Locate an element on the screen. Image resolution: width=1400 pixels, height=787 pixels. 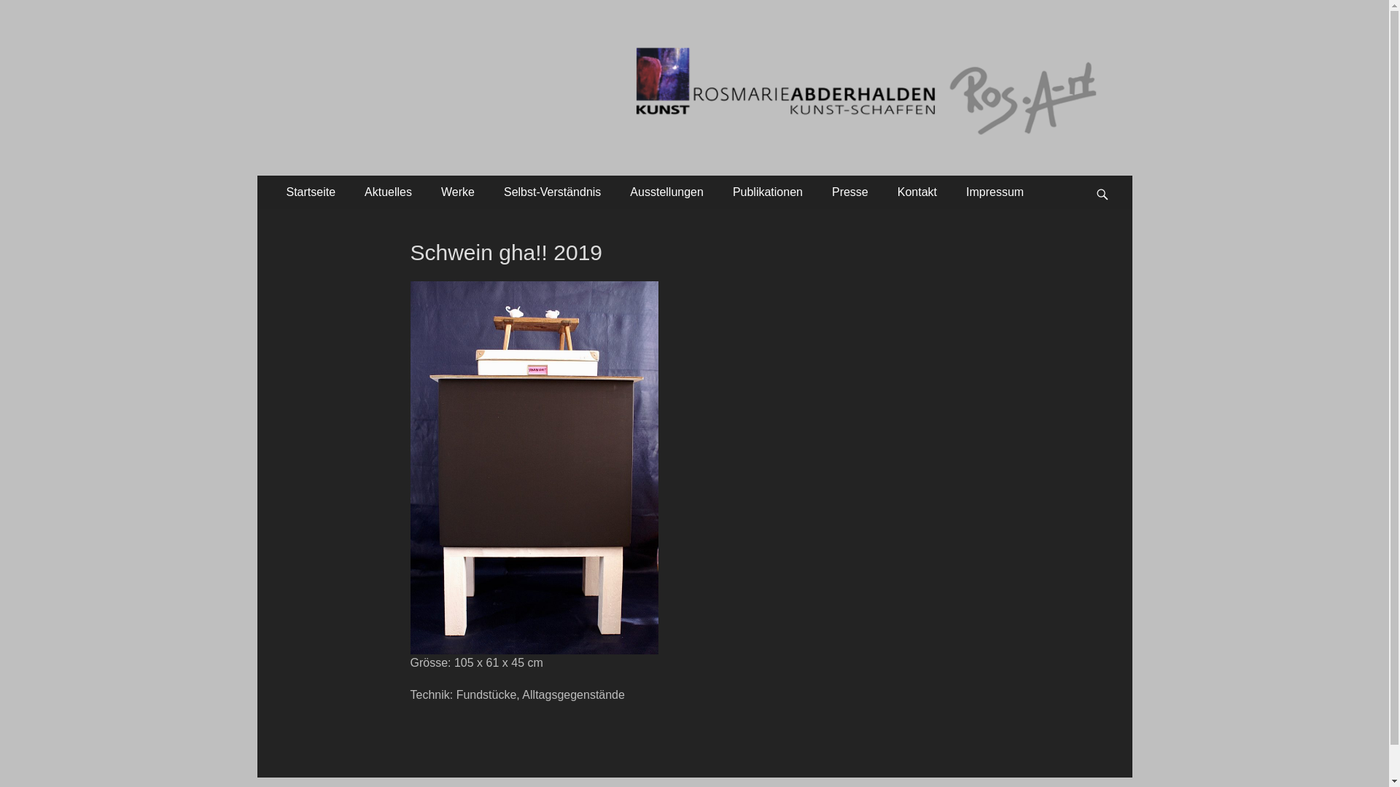
'Impressum' is located at coordinates (952, 191).